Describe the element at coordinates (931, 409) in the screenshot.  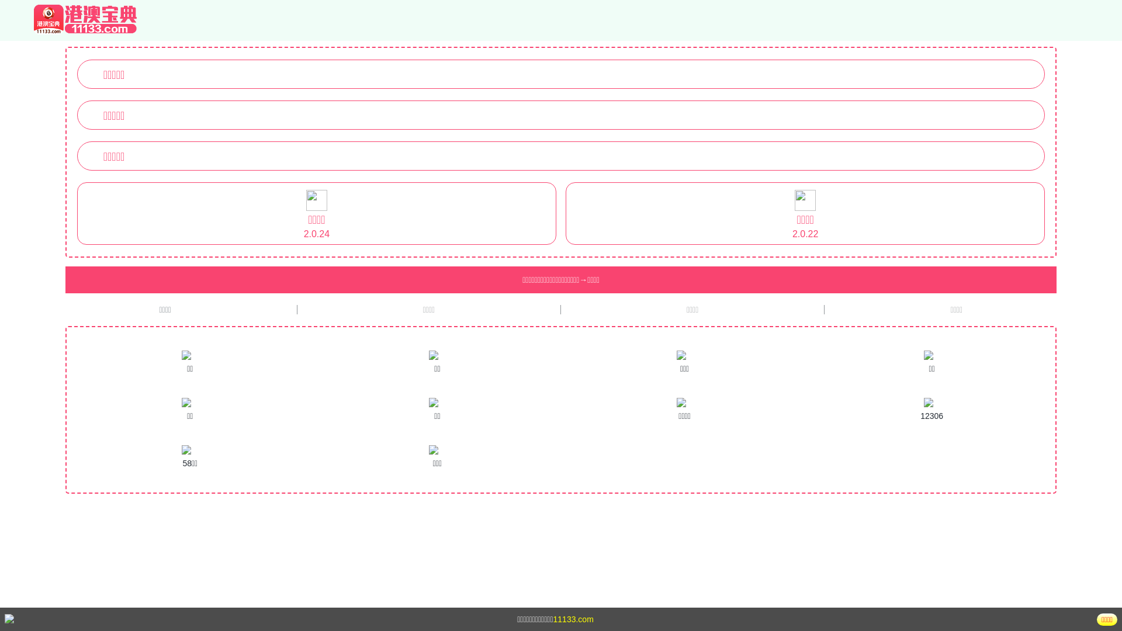
I see `'12306'` at that location.